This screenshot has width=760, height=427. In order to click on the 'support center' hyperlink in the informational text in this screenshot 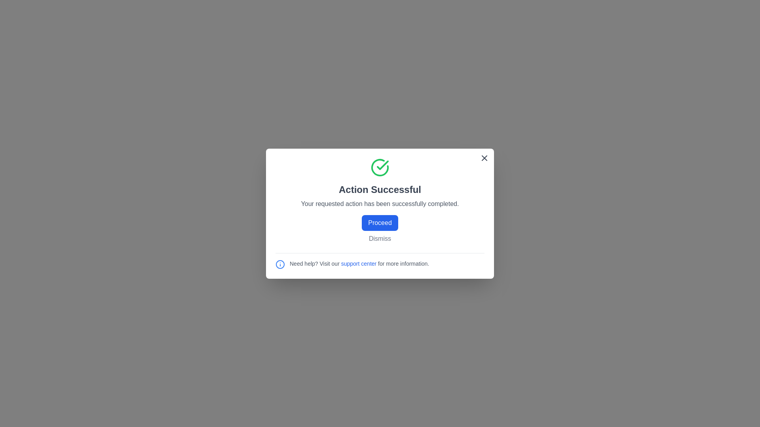, I will do `click(359, 263)`.